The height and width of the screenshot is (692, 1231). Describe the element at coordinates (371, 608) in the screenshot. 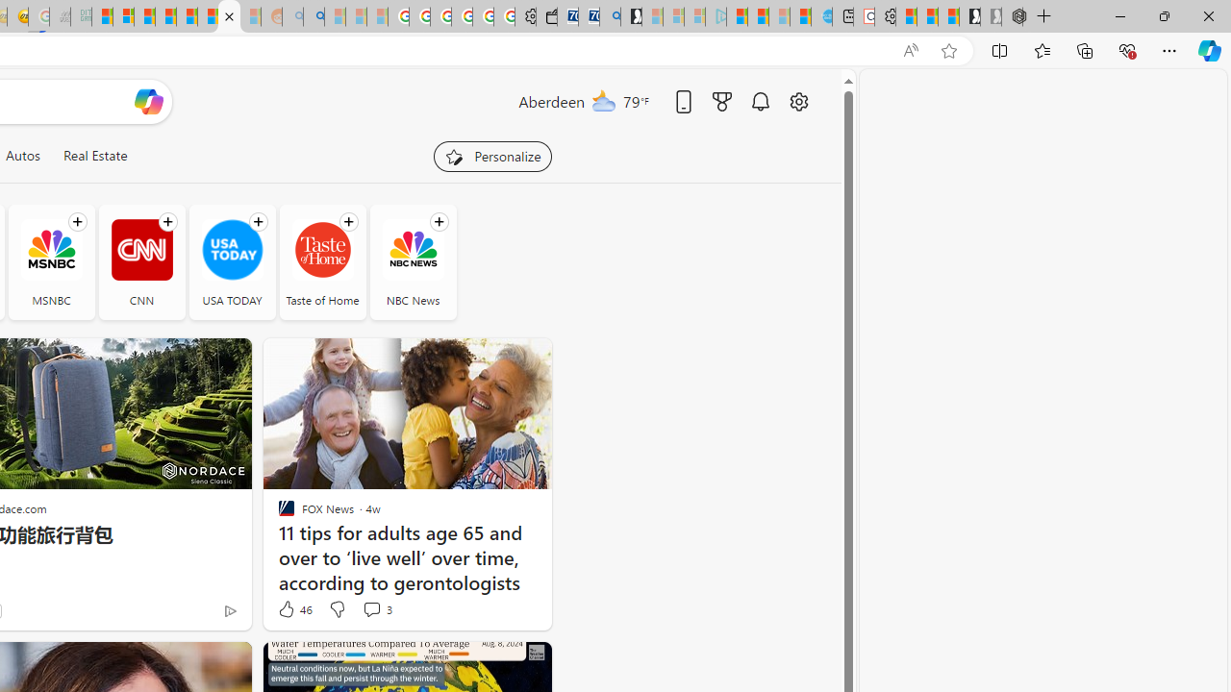

I see `'View comments 3 Comment'` at that location.